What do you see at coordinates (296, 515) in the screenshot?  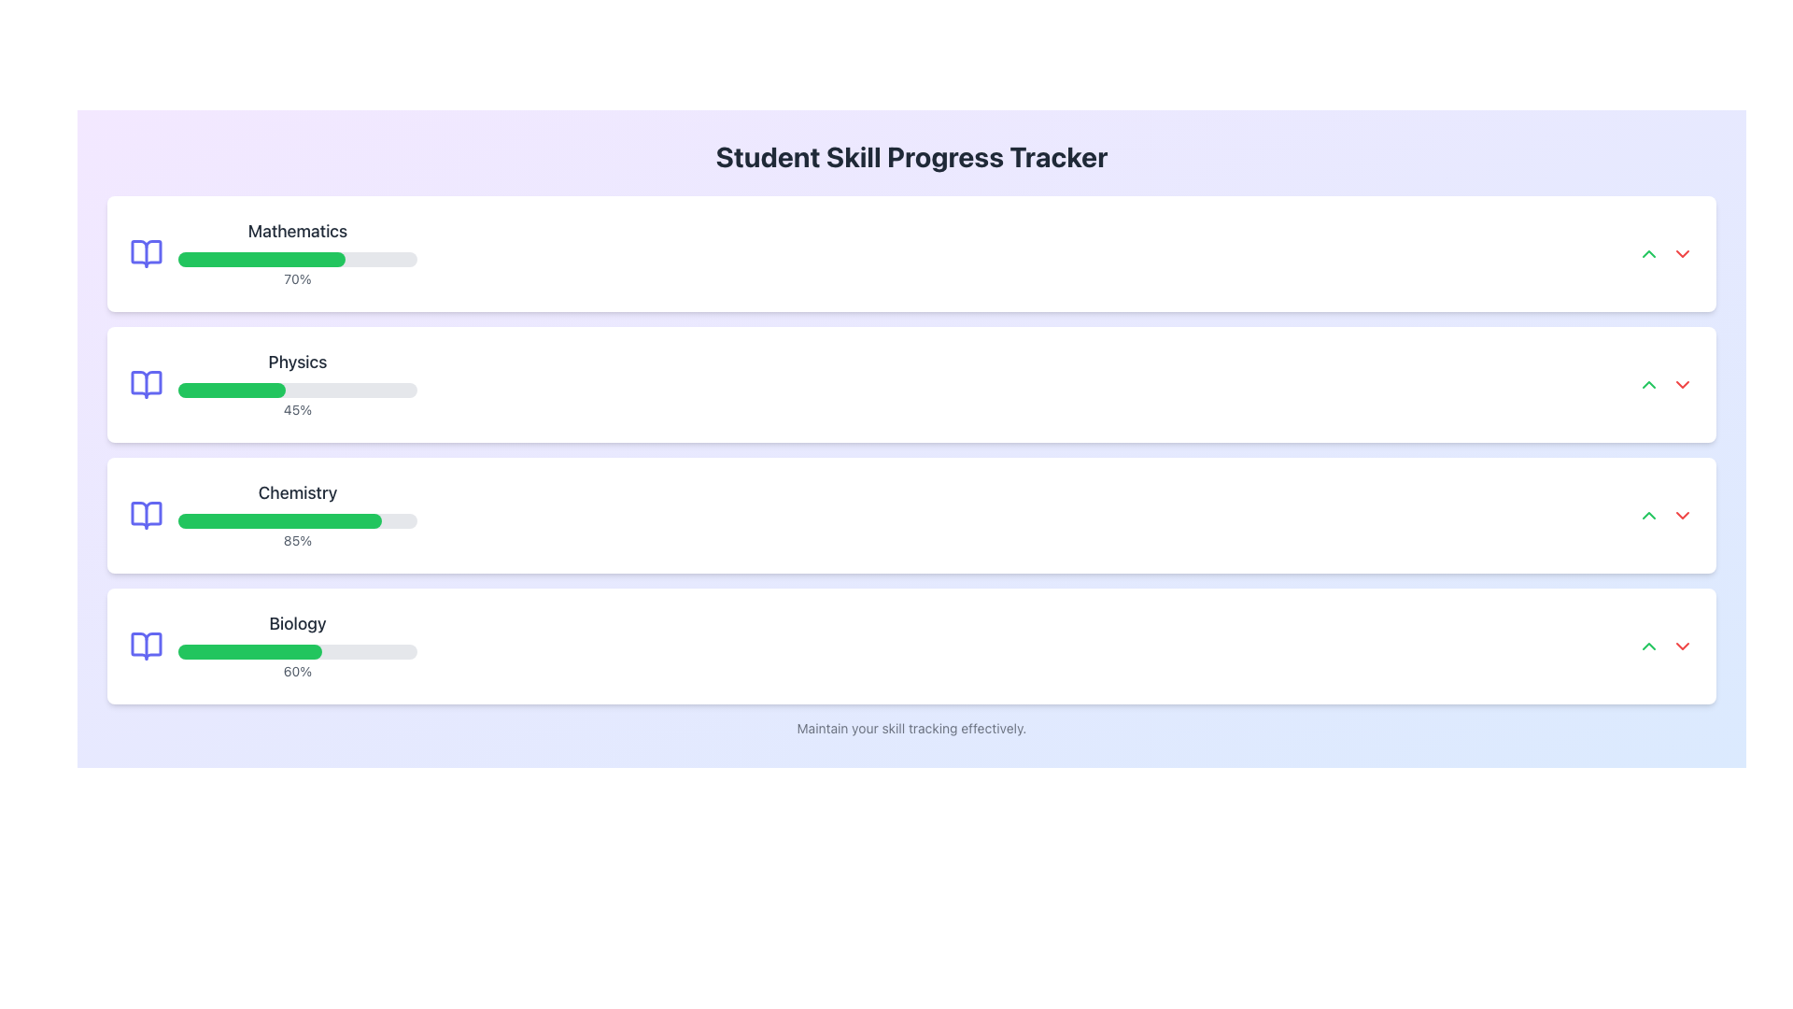 I see `the Chemistry progress bar, which is the third in a vertically stacked list of progress trackers, visually indicating task completion percentage` at bounding box center [296, 515].